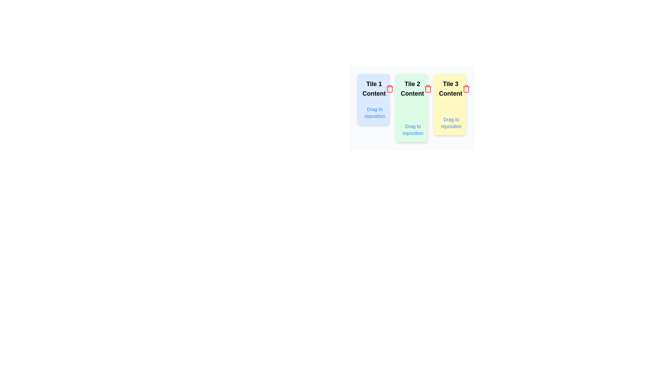  I want to click on the instructional label located at the bottom of the third card labeled 'Tile 3 Content', so click(451, 122).